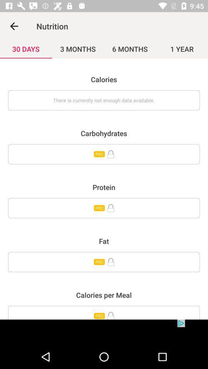 This screenshot has height=369, width=208. What do you see at coordinates (104, 312) in the screenshot?
I see `open pro plan` at bounding box center [104, 312].